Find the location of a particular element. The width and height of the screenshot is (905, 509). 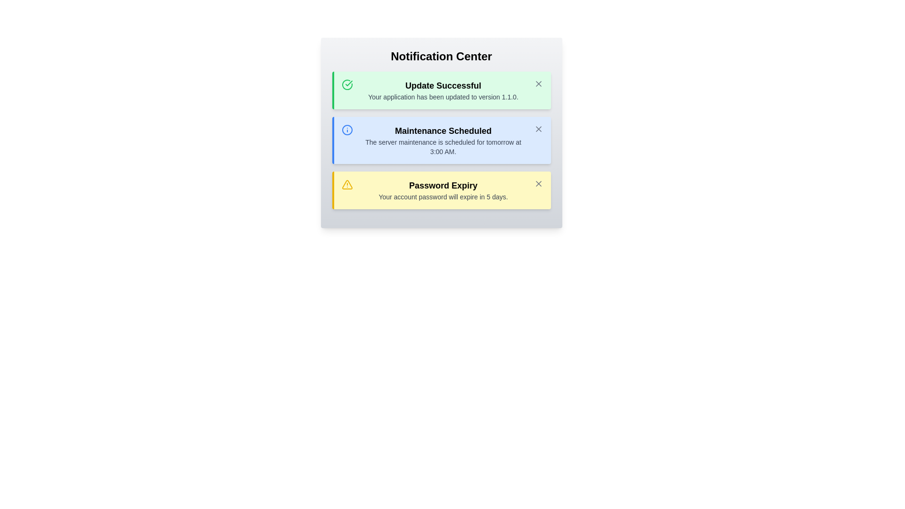

the circular SVG icon with a blue stroke located to the left of the 'Maintenance Scheduled' notification text in the second notification entry is located at coordinates (346, 130).